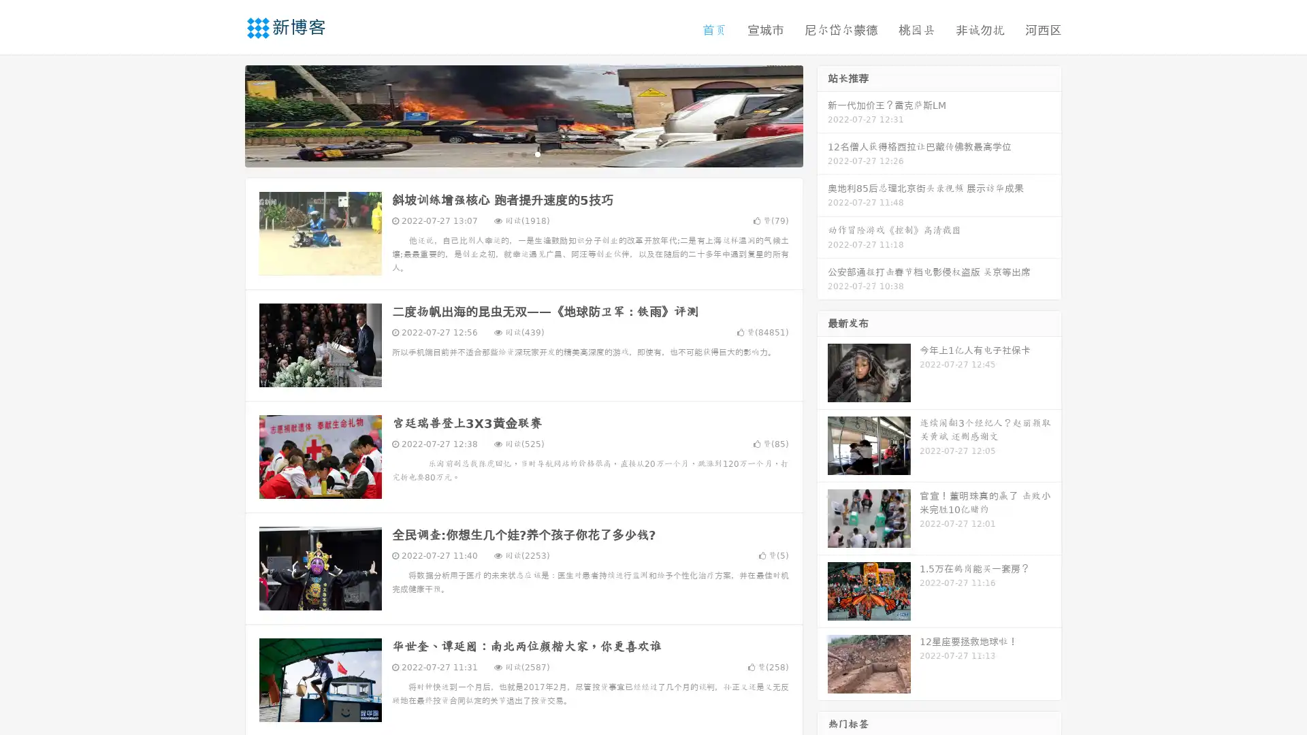 Image resolution: width=1307 pixels, height=735 pixels. I want to click on Previous slide, so click(225, 114).